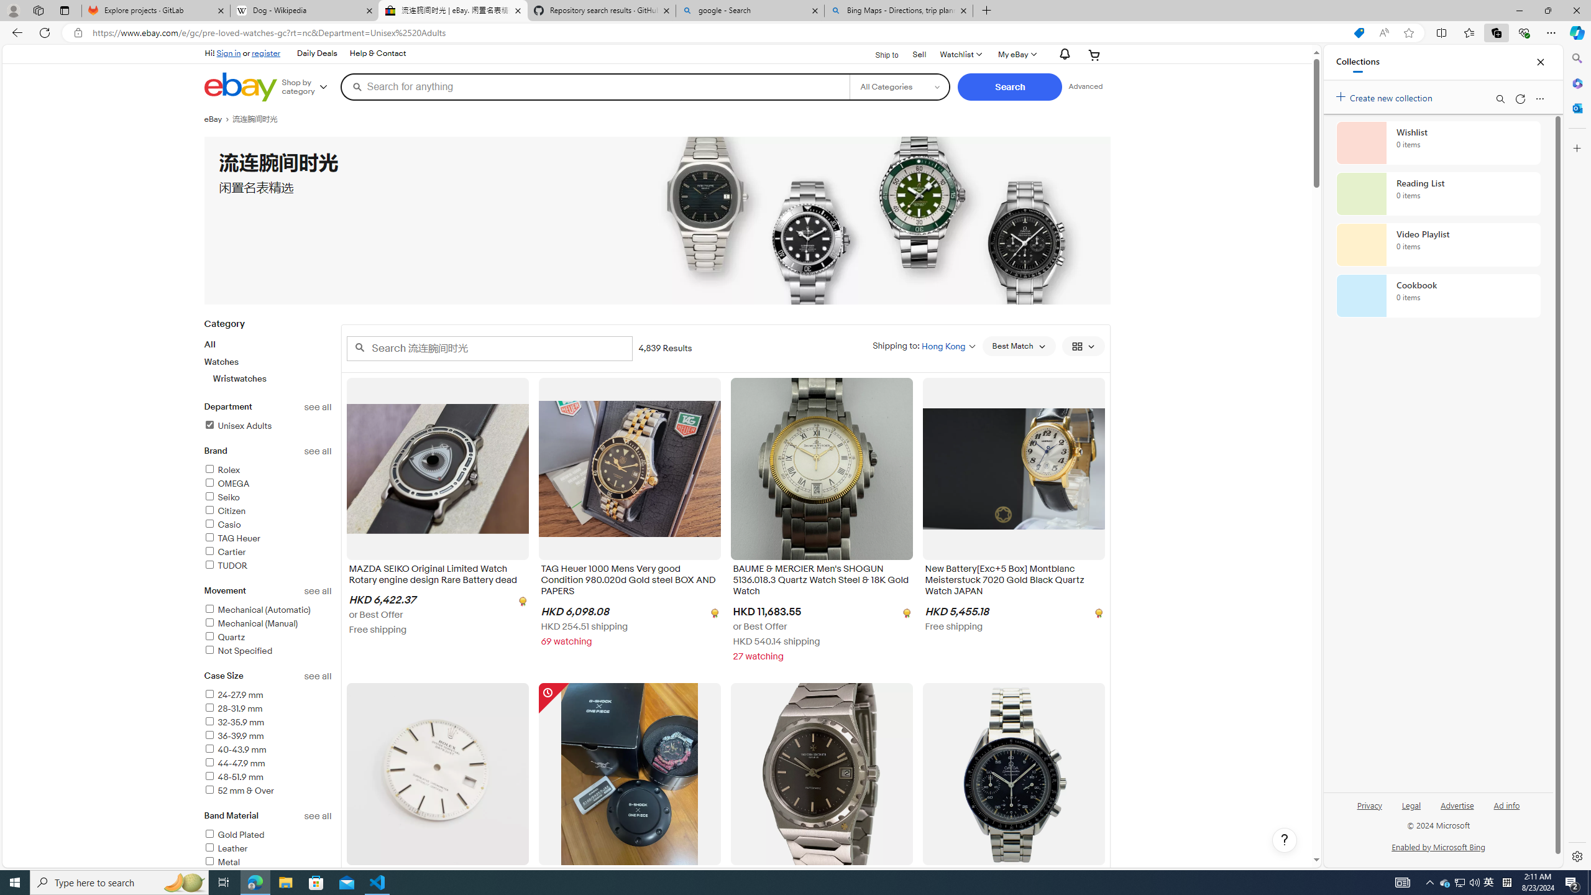 This screenshot has width=1591, height=895. I want to click on 'Shop by category', so click(309, 86).